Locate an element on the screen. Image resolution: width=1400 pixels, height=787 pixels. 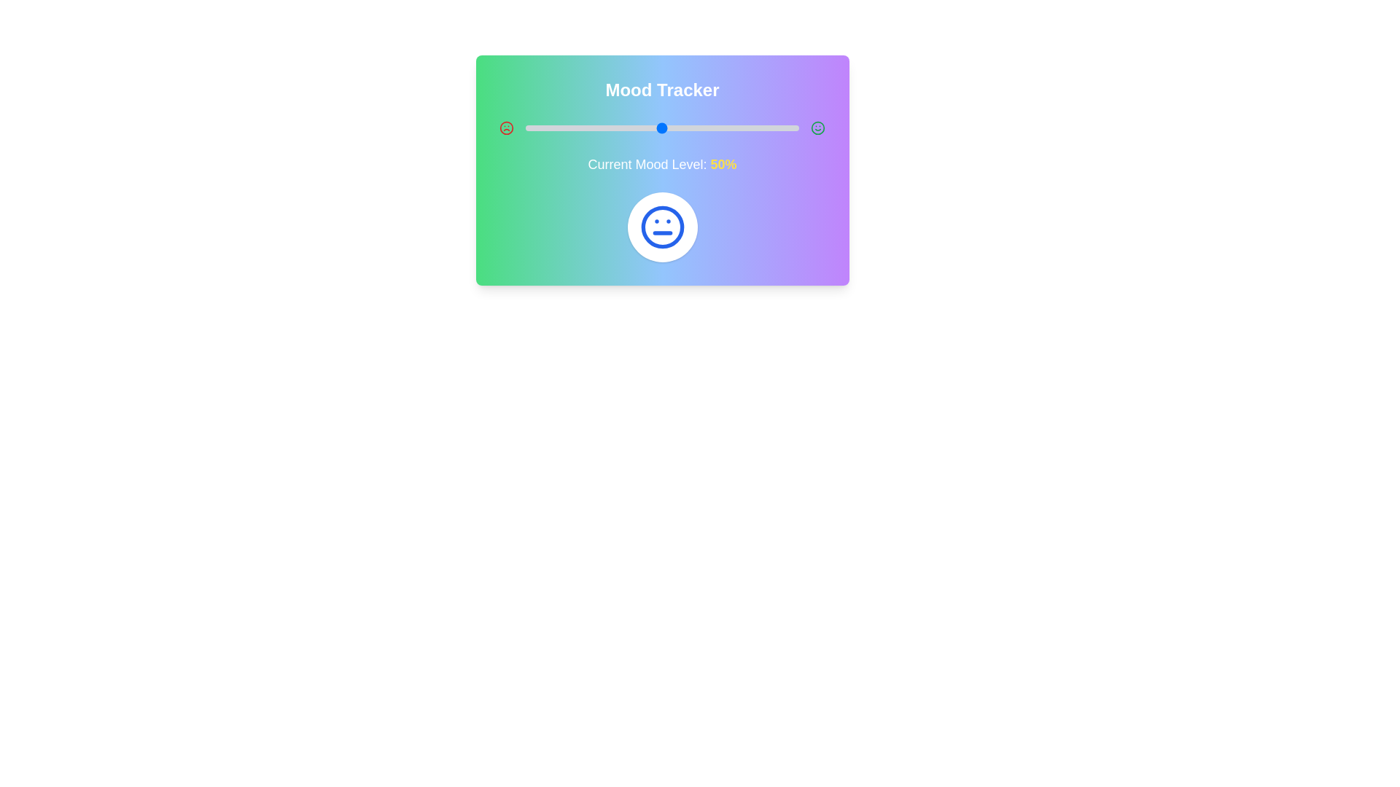
the mood level to 82% by dragging the slider is located at coordinates (750, 128).